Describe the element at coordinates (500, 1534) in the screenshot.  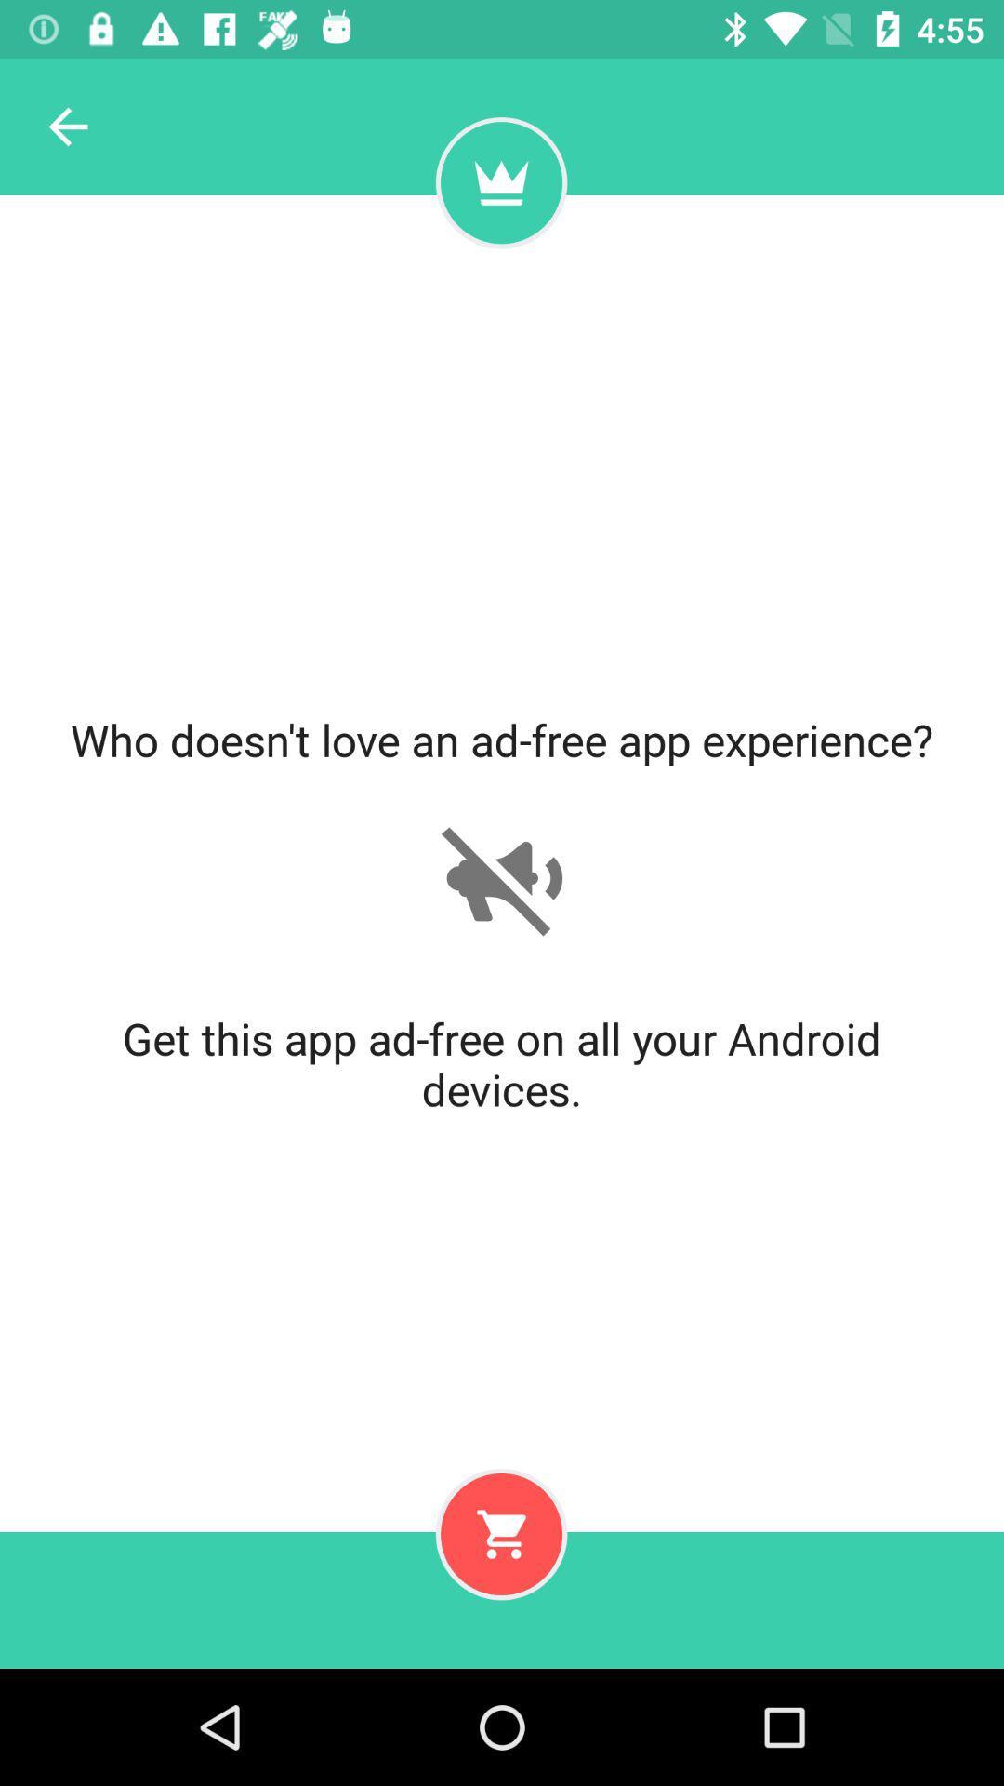
I see `open shopping cart` at that location.